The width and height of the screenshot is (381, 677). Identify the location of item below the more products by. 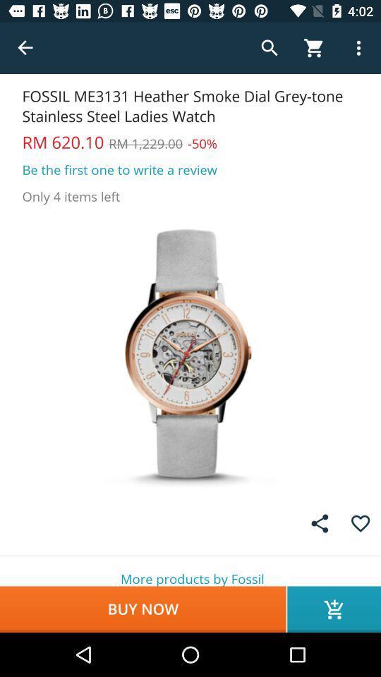
(333, 609).